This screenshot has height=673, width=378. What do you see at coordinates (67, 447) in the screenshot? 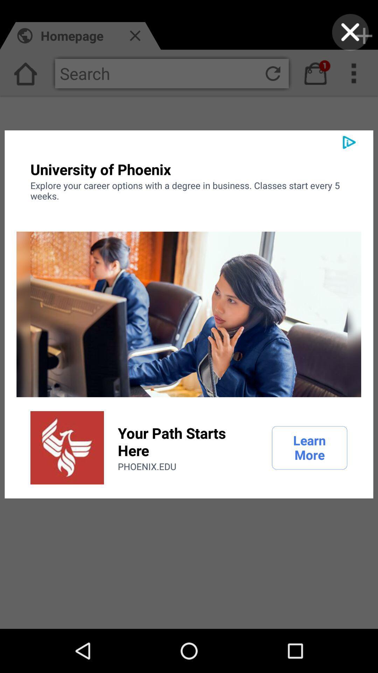
I see `the icon to the left of your path starts icon` at bounding box center [67, 447].